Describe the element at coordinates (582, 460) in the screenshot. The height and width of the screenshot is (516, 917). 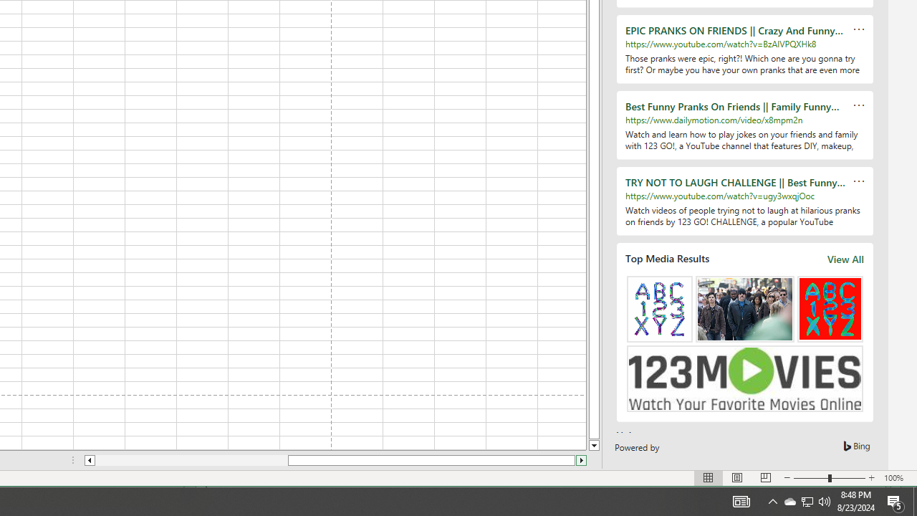
I see `'Column right'` at that location.